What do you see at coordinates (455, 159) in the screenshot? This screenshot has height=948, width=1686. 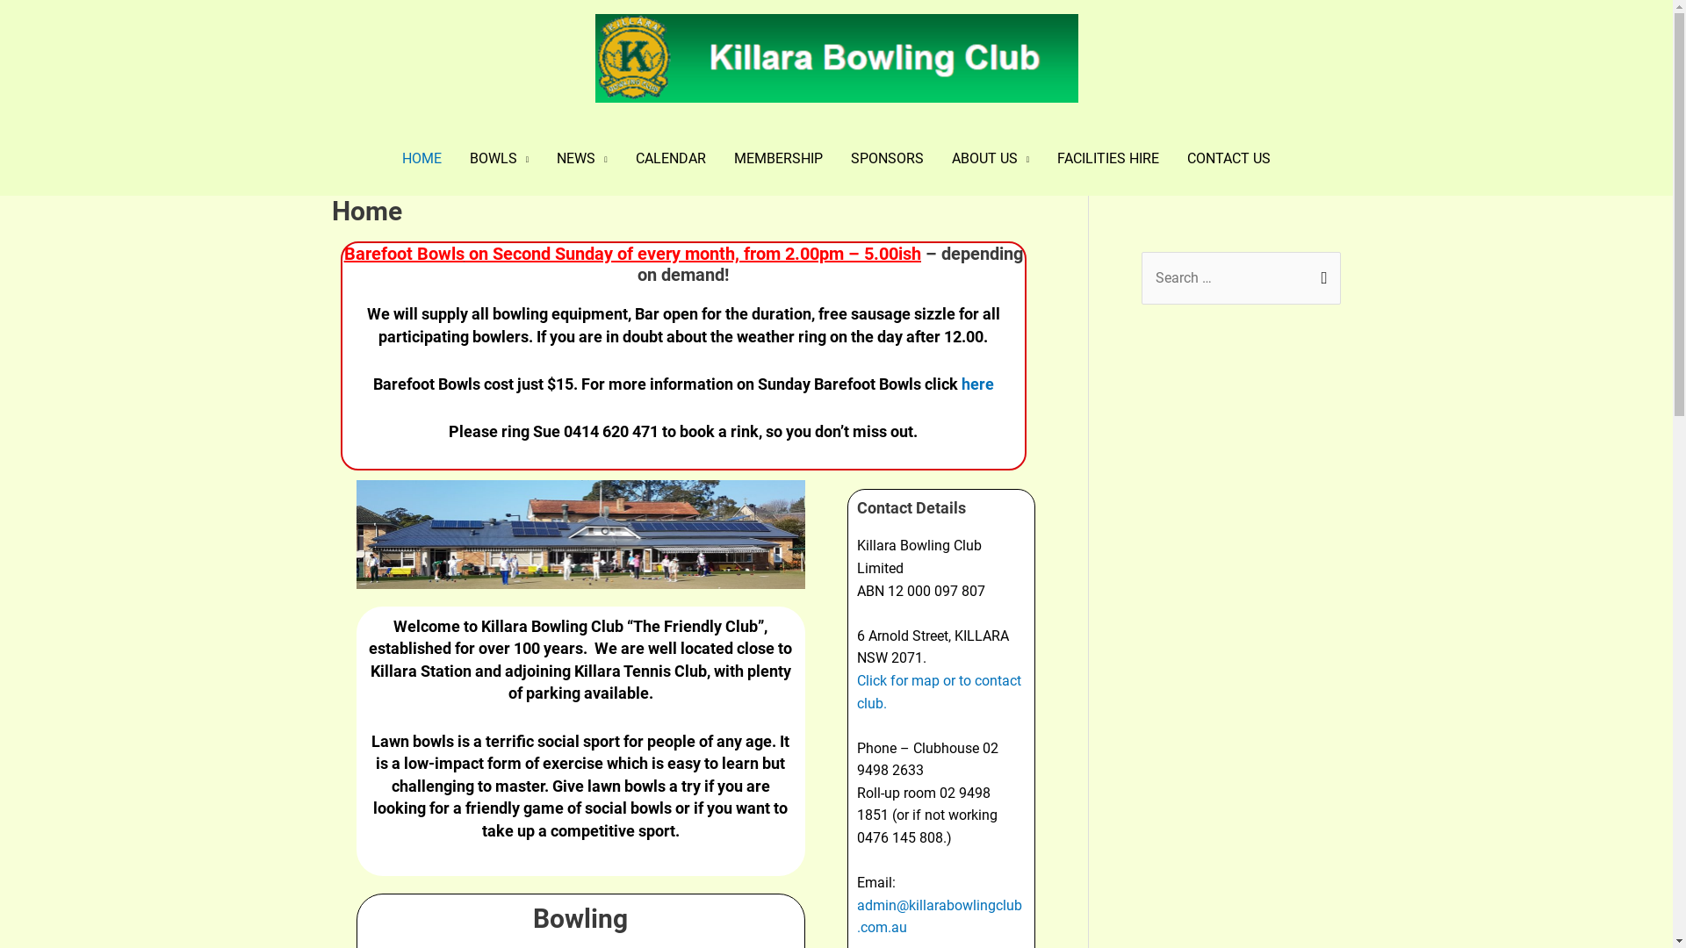 I see `'BOWLS'` at bounding box center [455, 159].